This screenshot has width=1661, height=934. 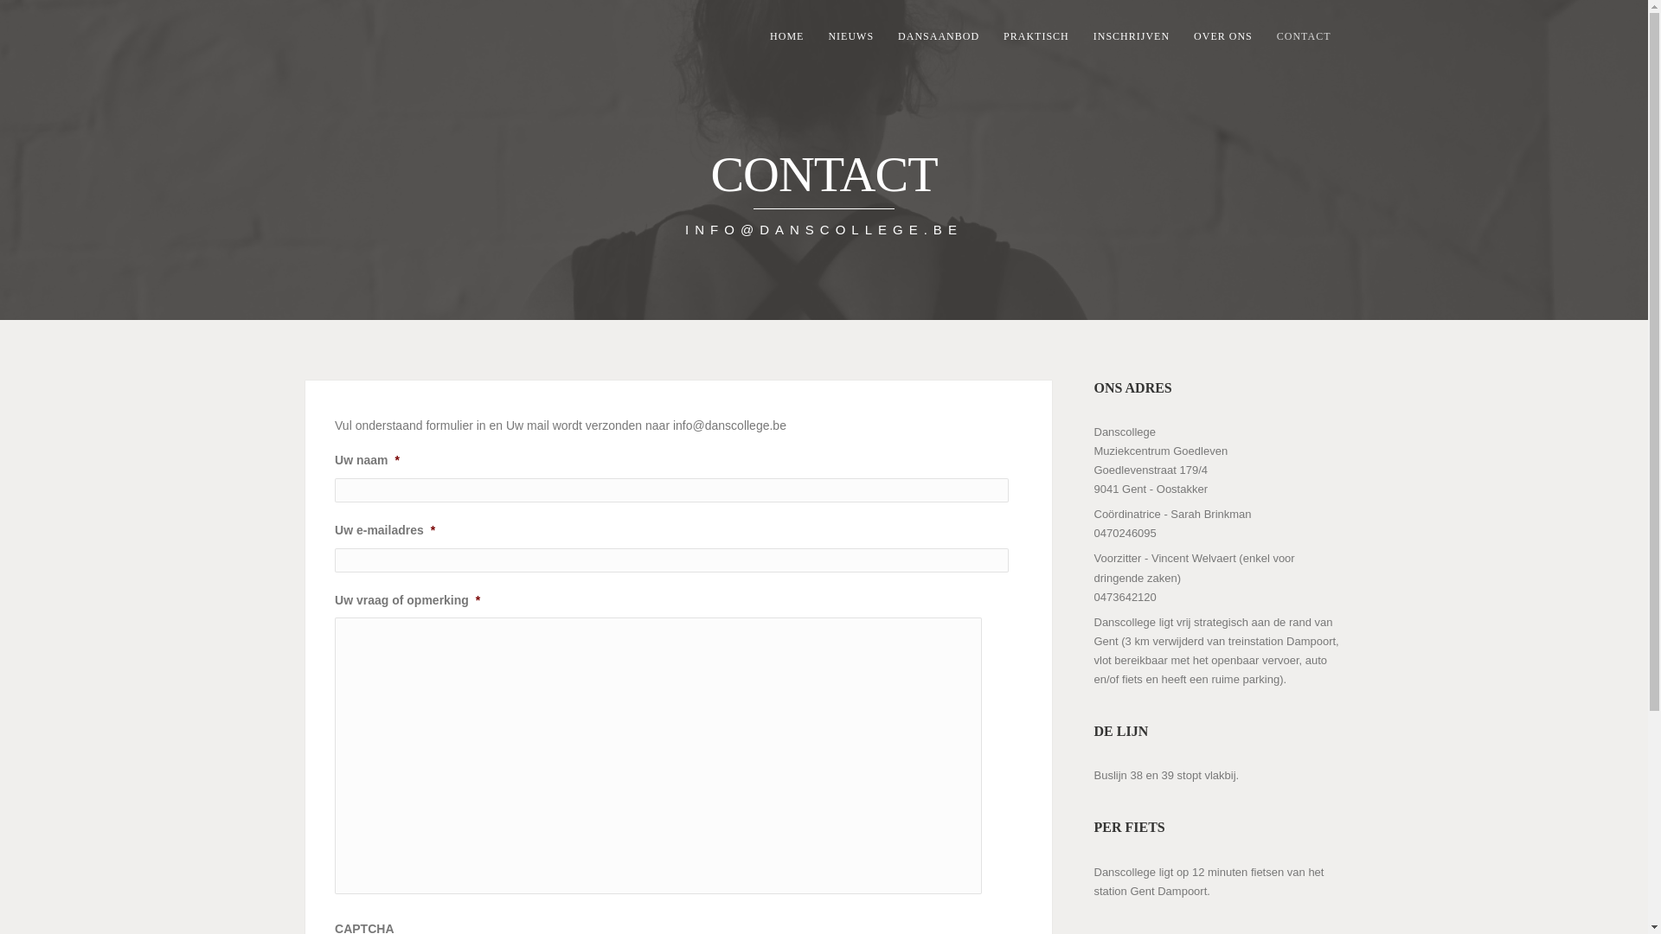 I want to click on 'NIEUWS', so click(x=814, y=36).